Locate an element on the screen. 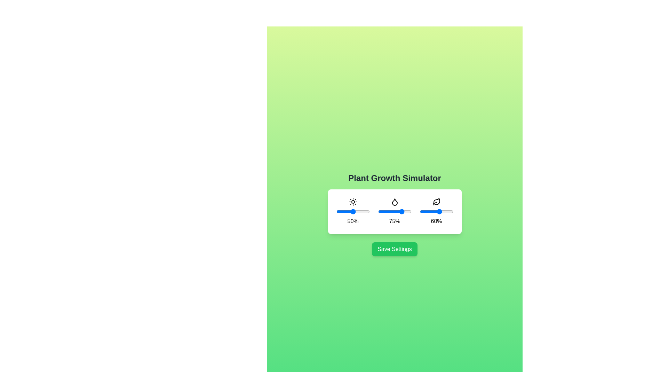 The width and height of the screenshot is (668, 376). the sunlight slider to 52% is located at coordinates (353, 211).